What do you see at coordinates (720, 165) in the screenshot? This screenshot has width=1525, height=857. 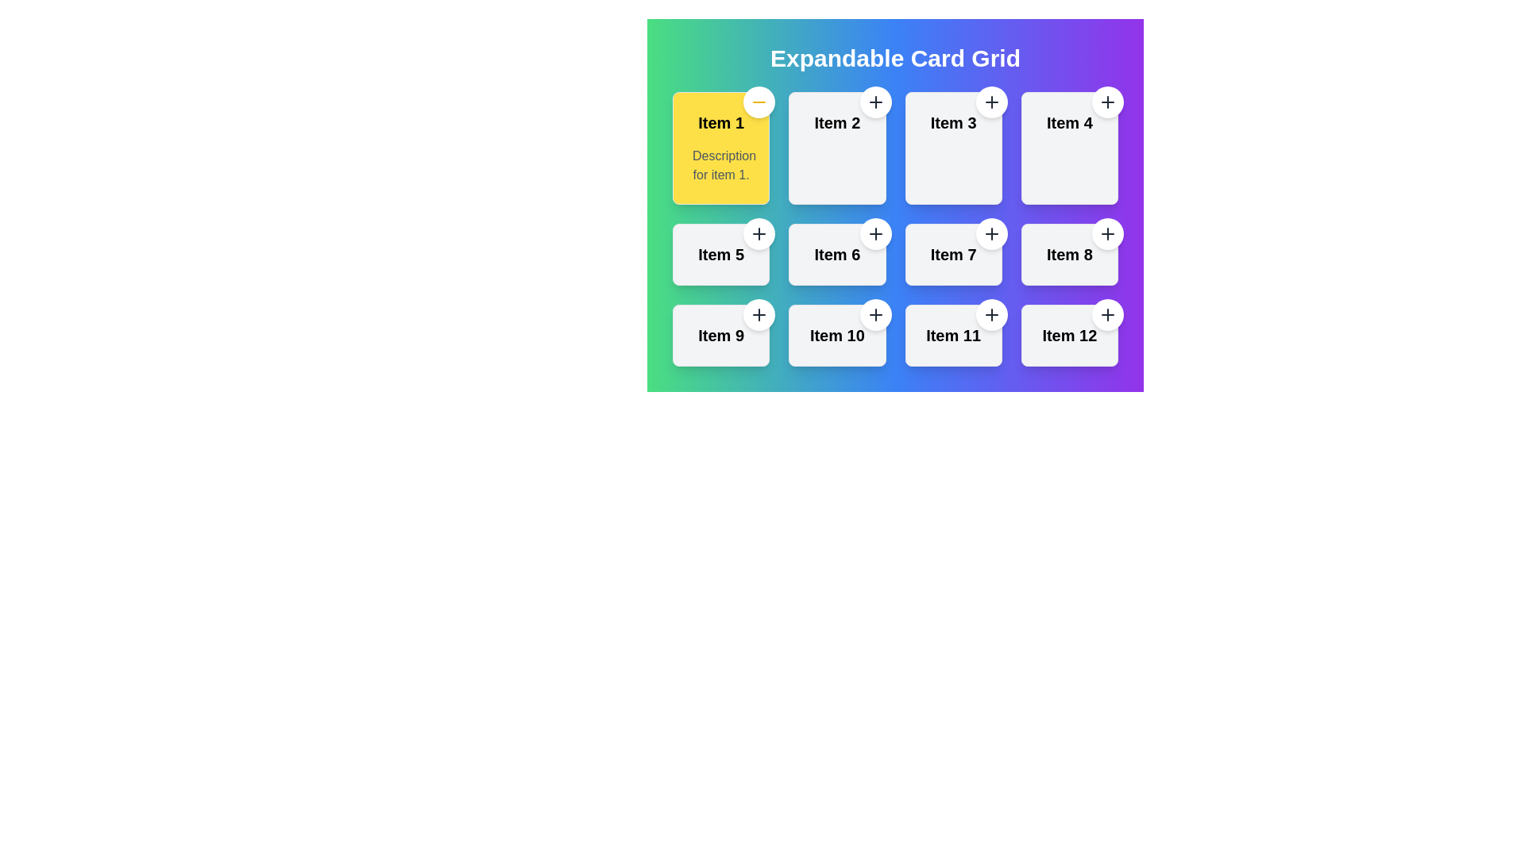 I see `the text label reading 'Description for item 1.' which is styled with a light gray font and located within the yellow background of the card labeled 'Item 1'` at bounding box center [720, 165].